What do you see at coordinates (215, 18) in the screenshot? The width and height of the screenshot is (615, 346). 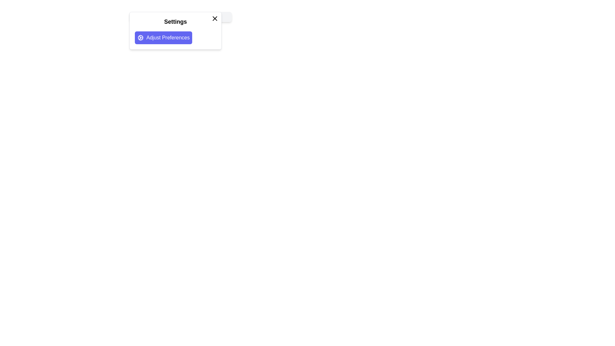 I see `the close icon (cross or 'X') located at the top-right corner of the modal interface` at bounding box center [215, 18].